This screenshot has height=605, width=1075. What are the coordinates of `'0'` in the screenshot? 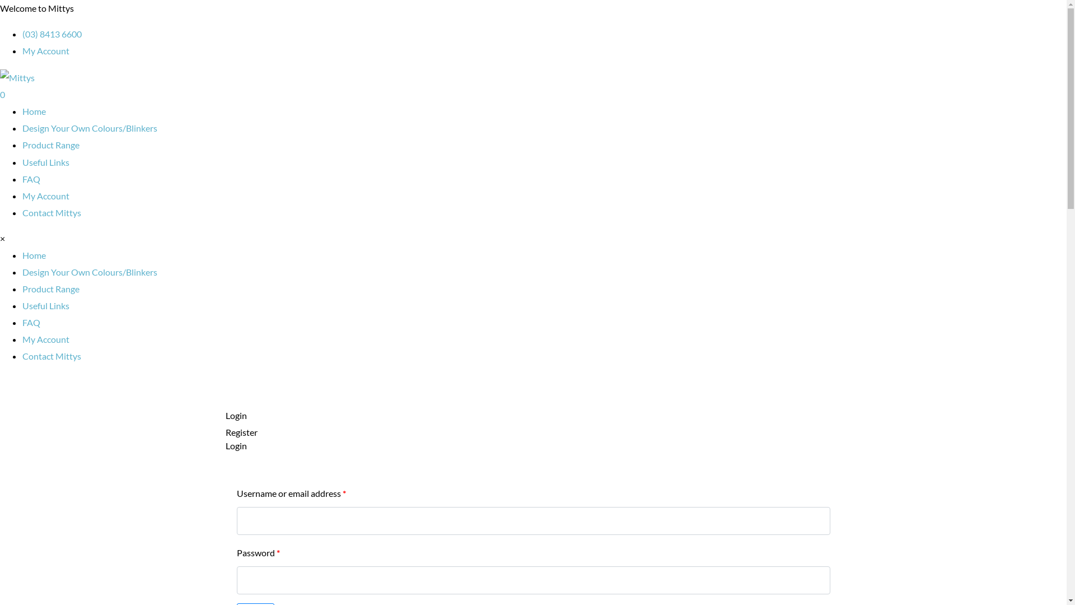 It's located at (2, 94).